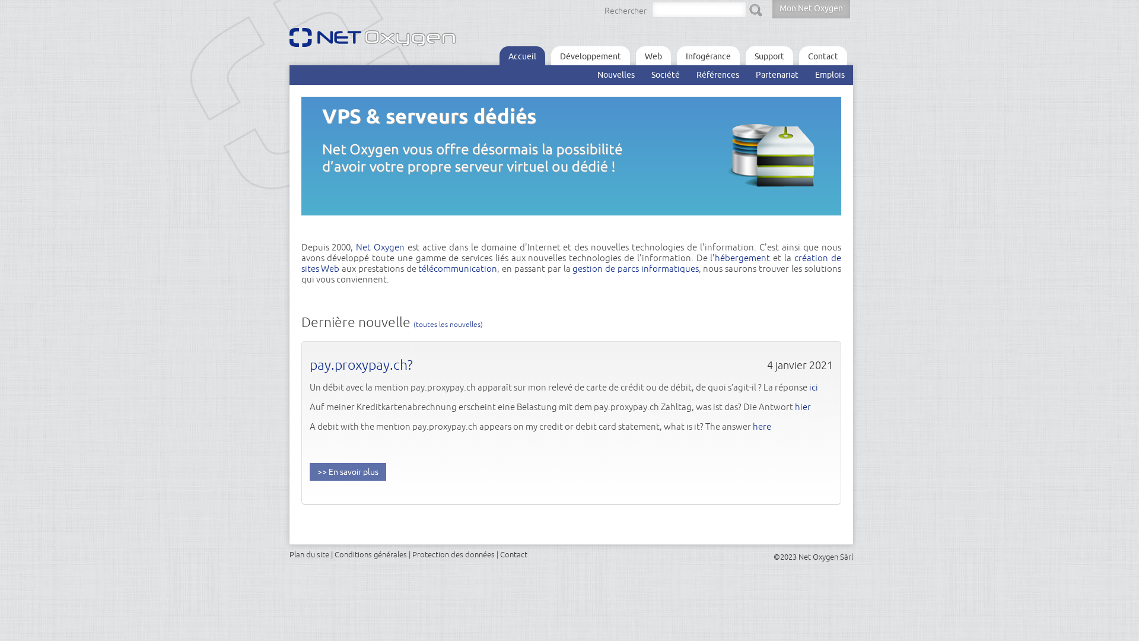 This screenshot has height=641, width=1139. I want to click on 'gestion de parcs informatiques', so click(572, 268).